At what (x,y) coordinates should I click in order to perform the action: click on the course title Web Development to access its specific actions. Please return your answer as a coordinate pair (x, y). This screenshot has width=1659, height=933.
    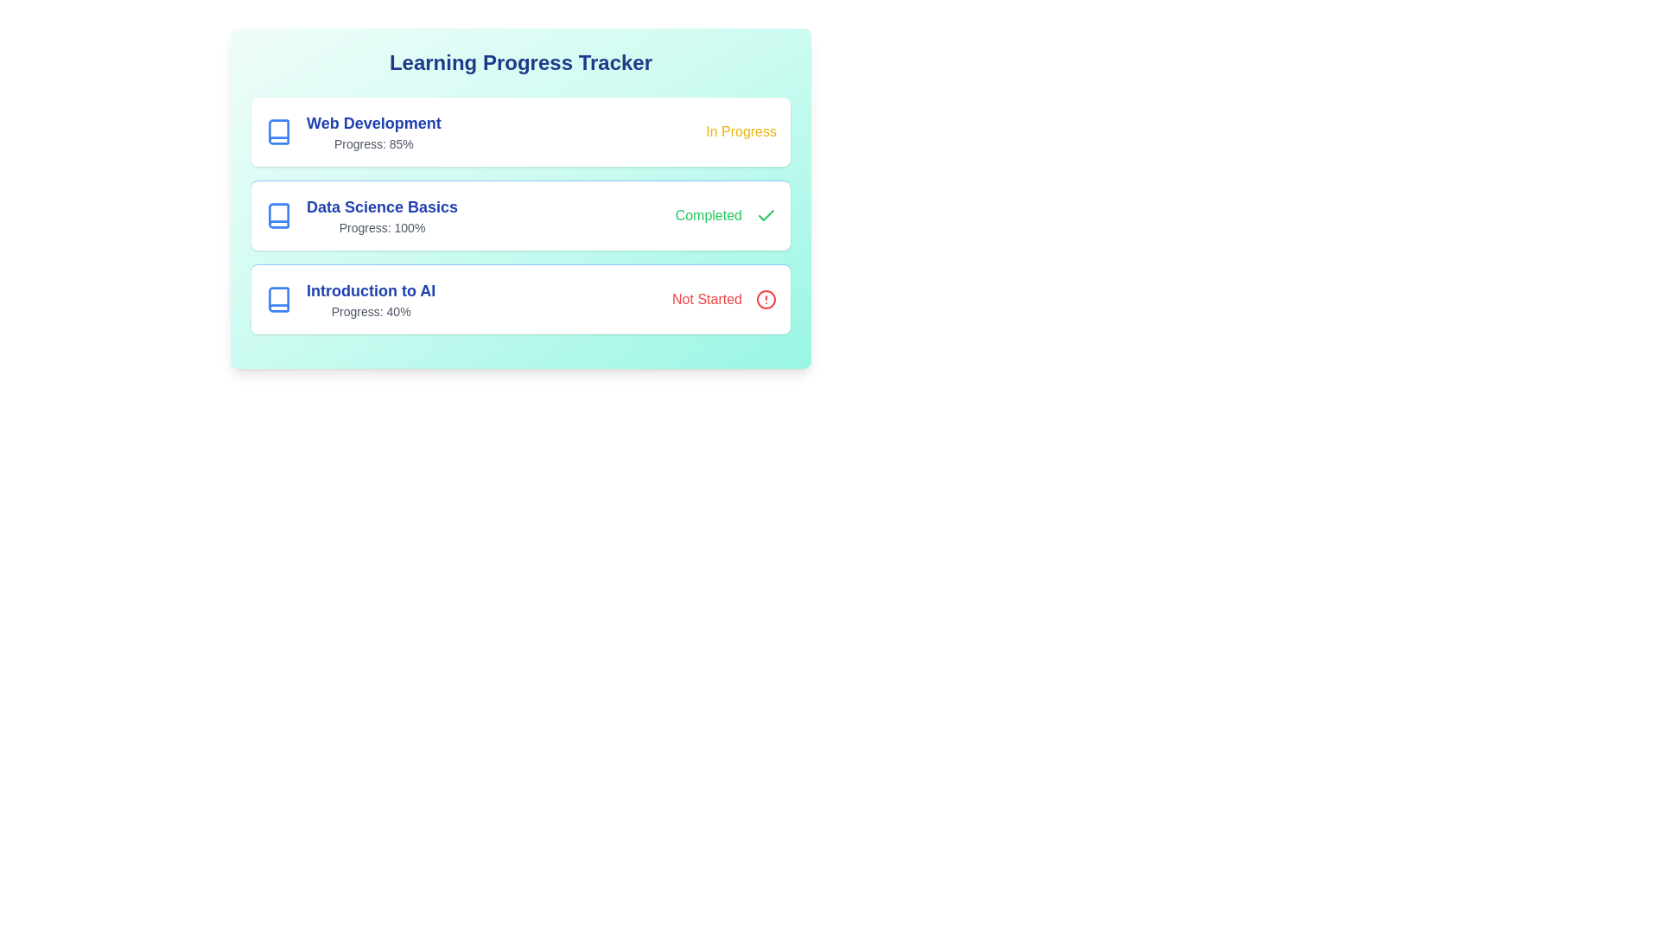
    Looking at the image, I should click on (352, 131).